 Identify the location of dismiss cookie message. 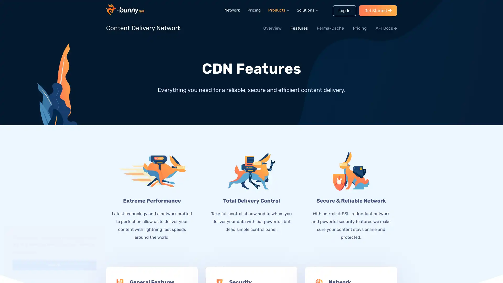
(54, 265).